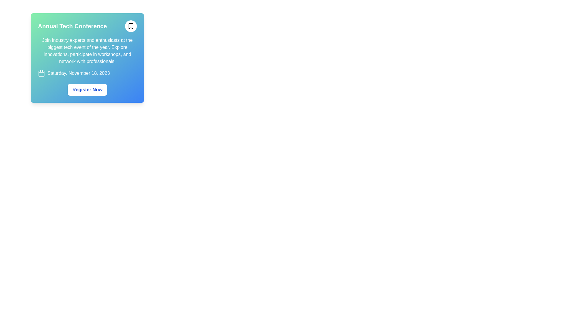  I want to click on bookmark-shaped icon with a black outline and transparent interior located at the top-right corner of the blue card titled 'Annual Tech Conference', so click(131, 26).